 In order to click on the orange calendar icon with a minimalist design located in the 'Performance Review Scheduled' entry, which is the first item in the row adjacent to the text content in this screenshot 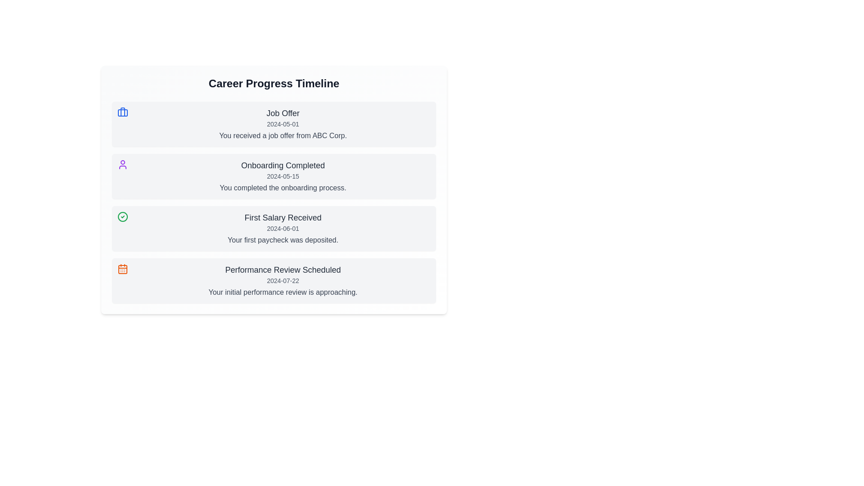, I will do `click(122, 268)`.